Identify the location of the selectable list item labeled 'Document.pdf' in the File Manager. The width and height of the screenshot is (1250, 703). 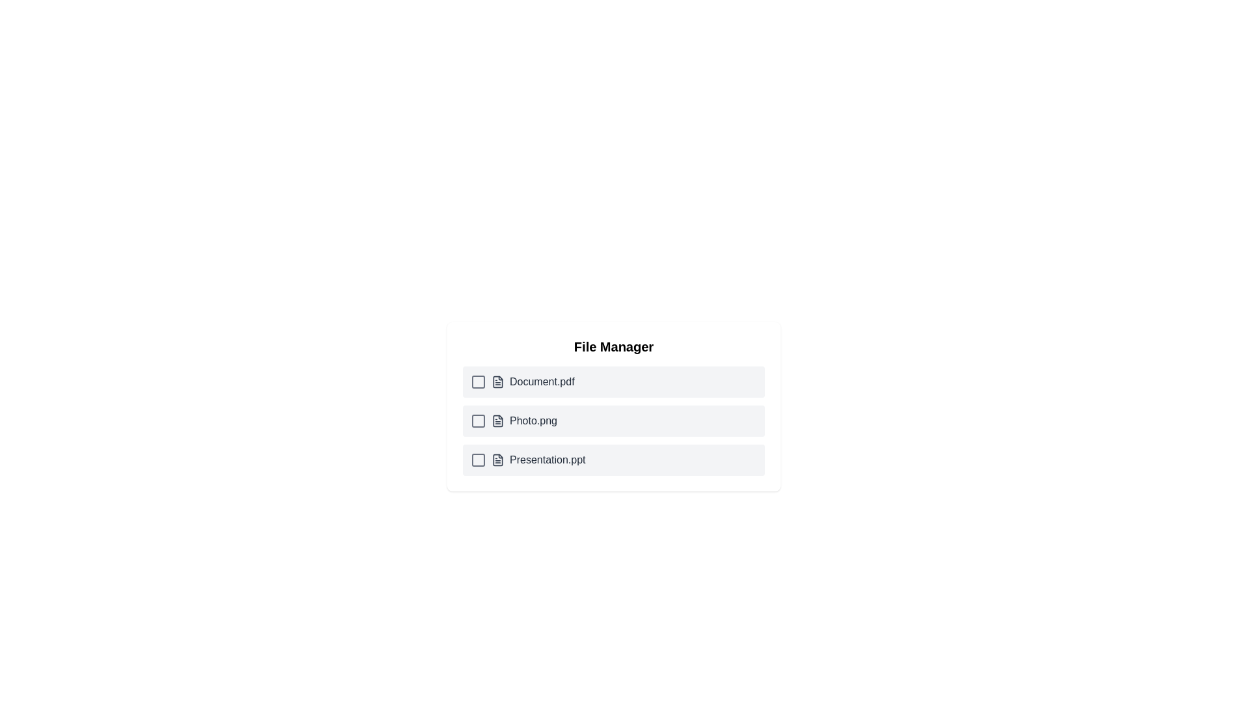
(613, 381).